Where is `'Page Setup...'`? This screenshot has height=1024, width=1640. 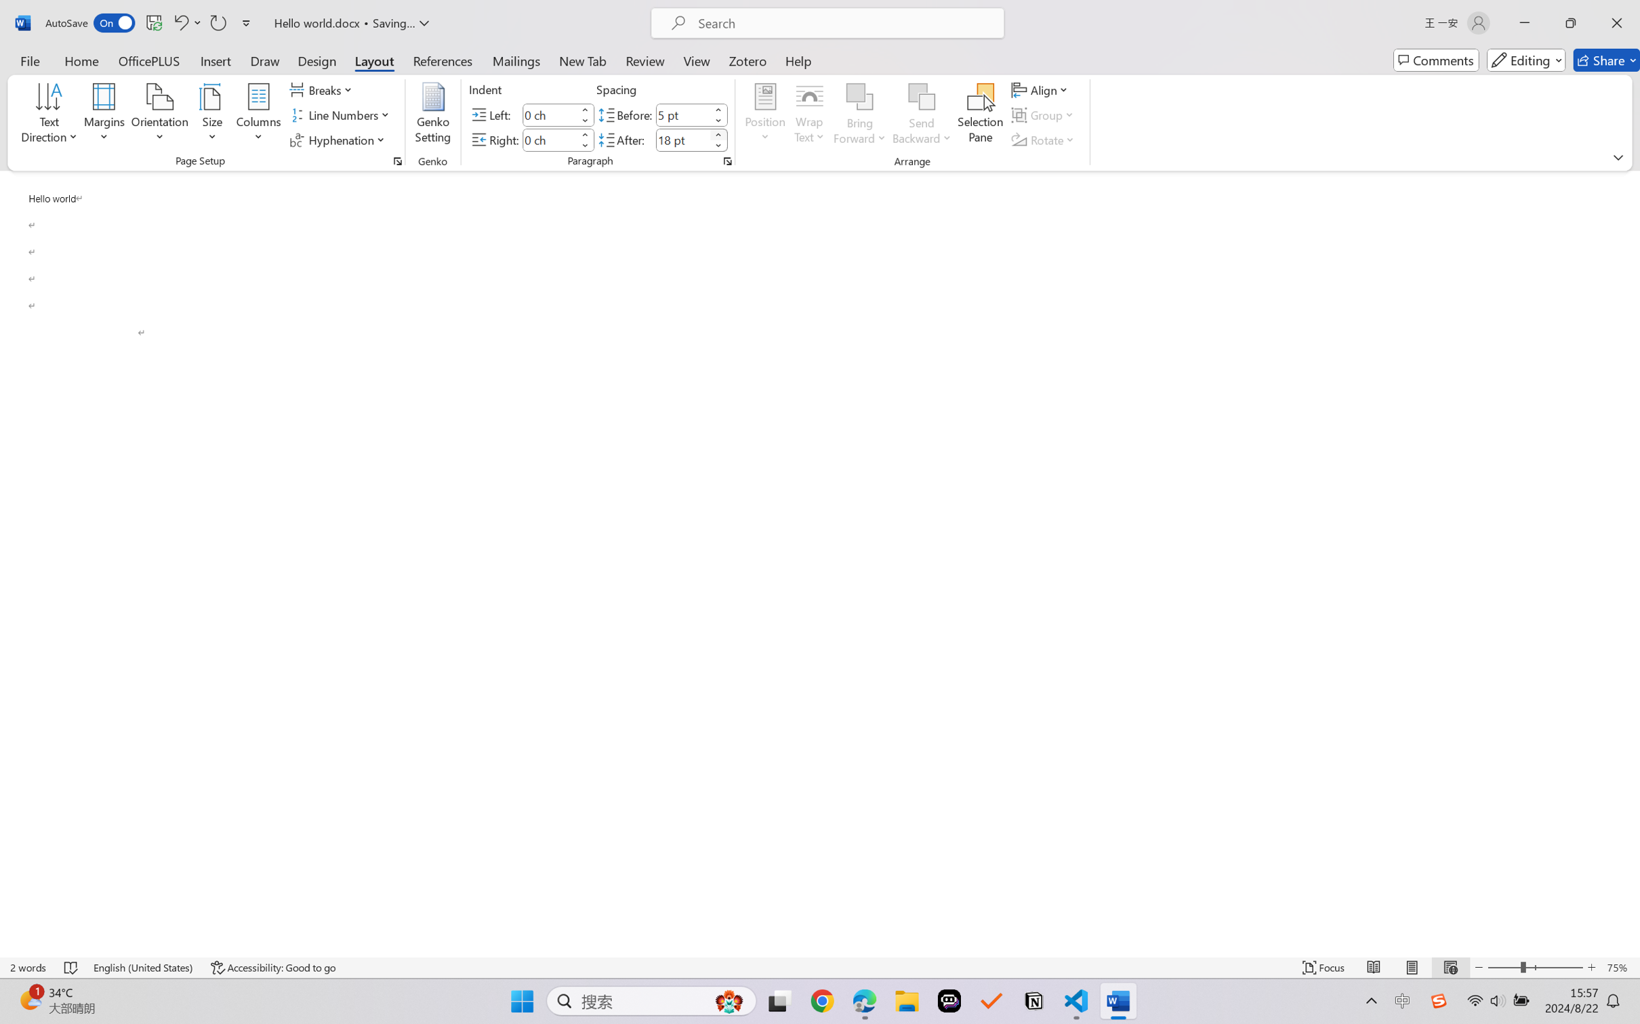 'Page Setup...' is located at coordinates (396, 161).